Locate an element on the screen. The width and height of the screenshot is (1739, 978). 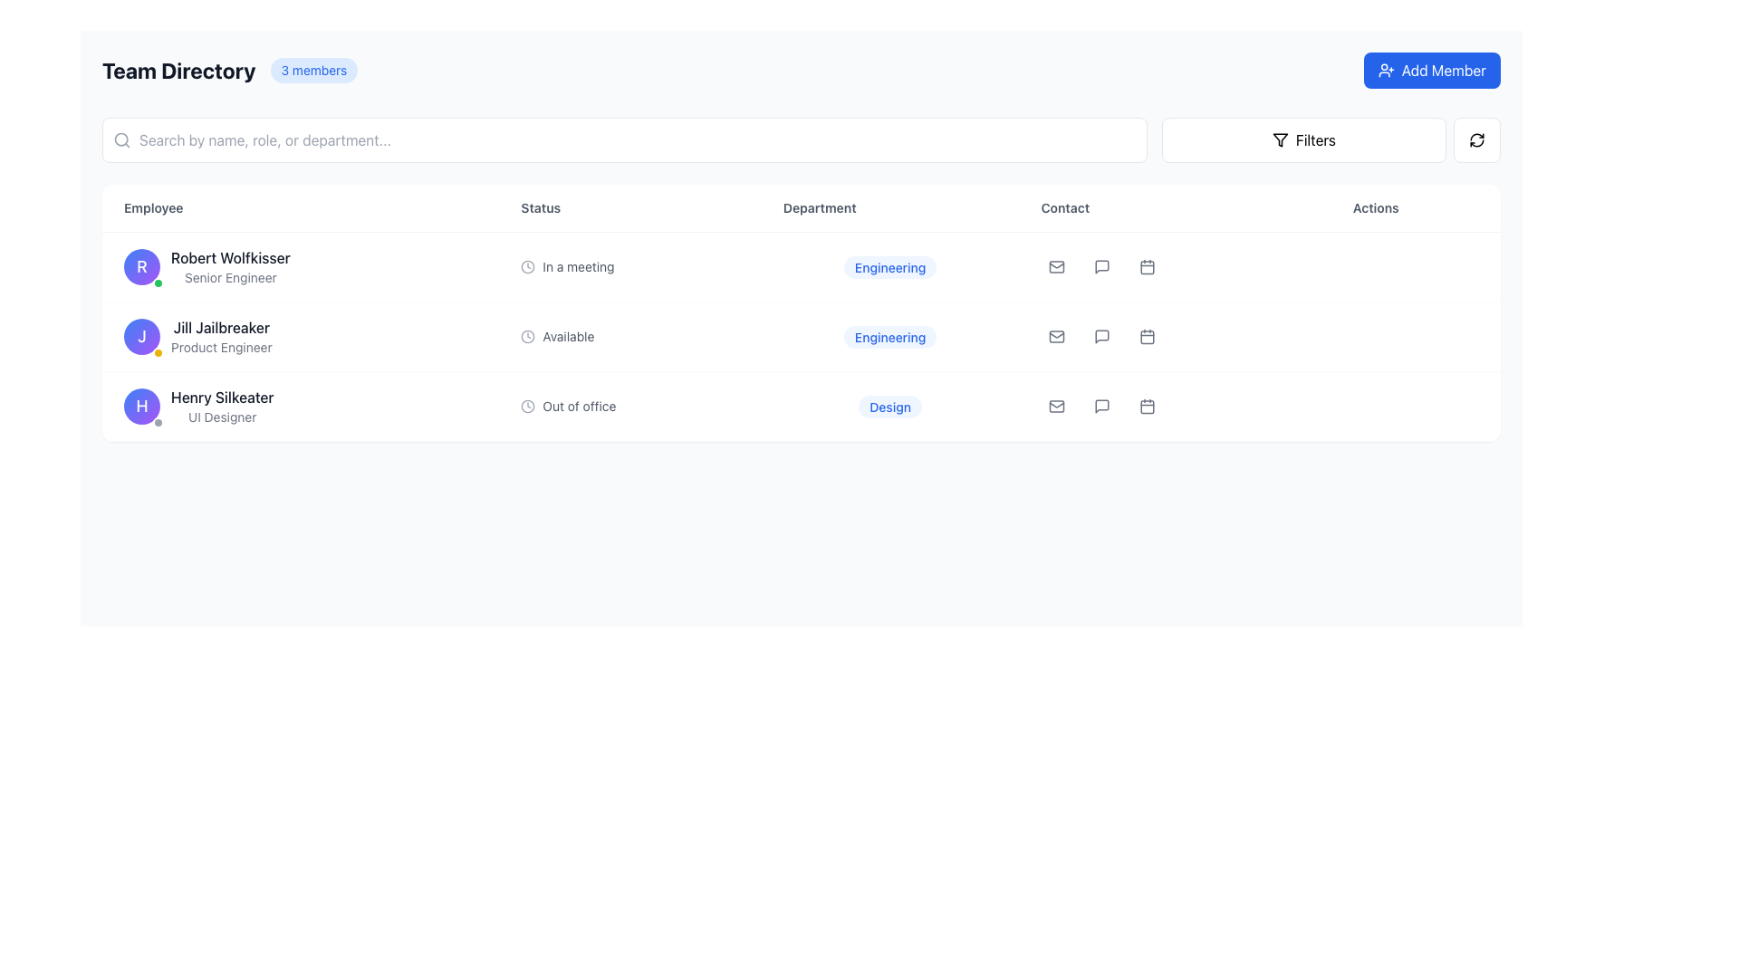
the envelope icon representing the mail feature in the 'Contact' column for user 'Robert Wolfkisser' is located at coordinates (1056, 266).